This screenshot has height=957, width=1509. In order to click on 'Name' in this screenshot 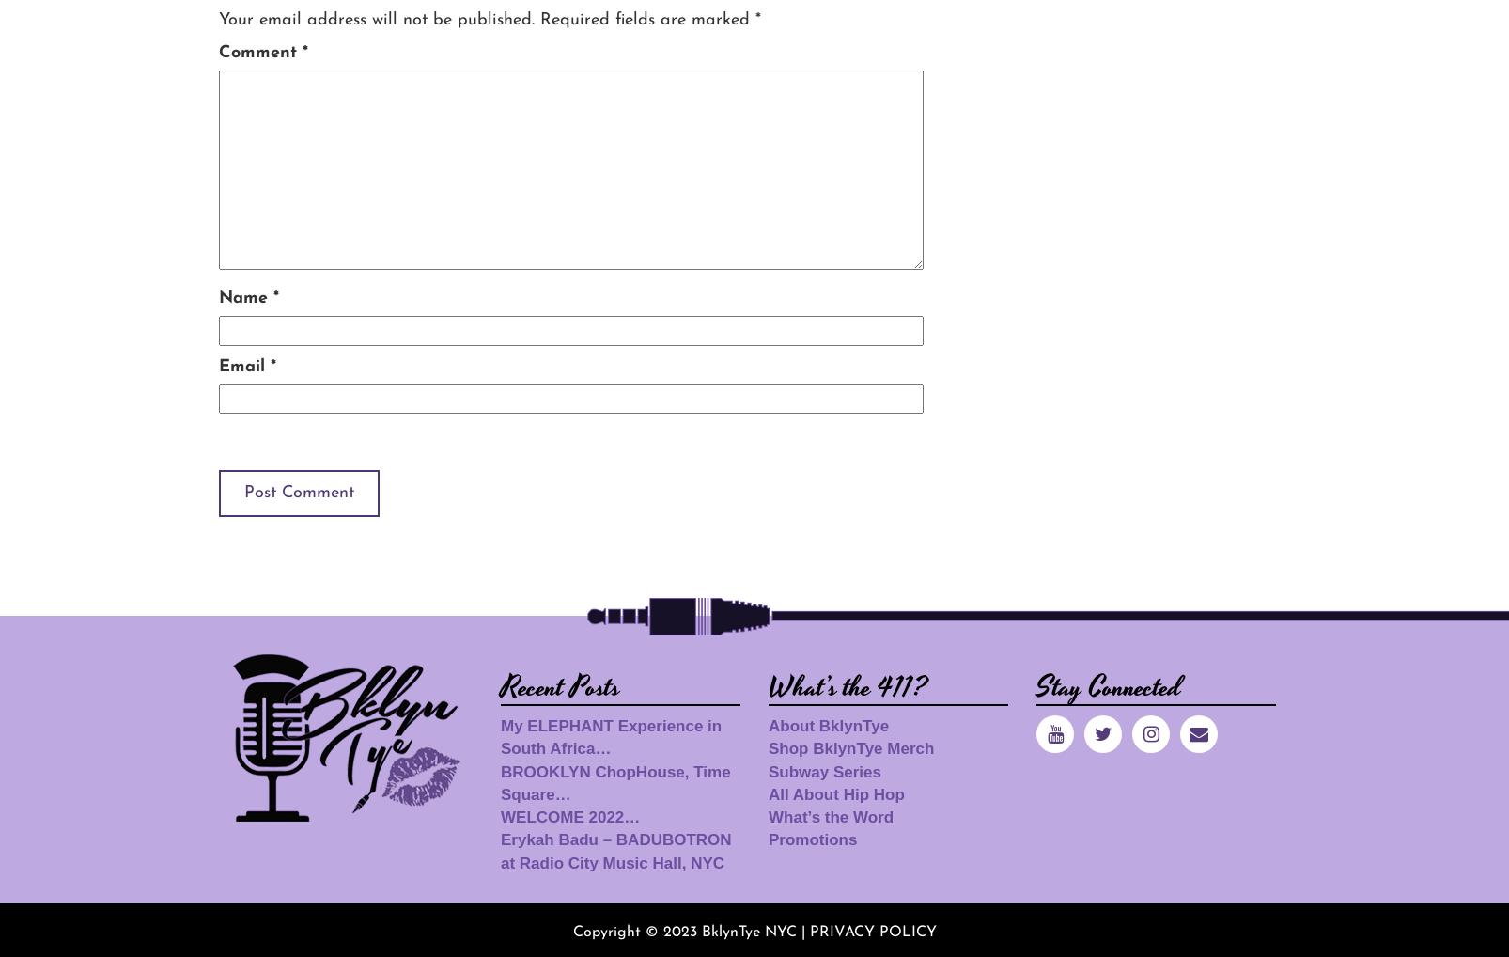, I will do `click(218, 297)`.